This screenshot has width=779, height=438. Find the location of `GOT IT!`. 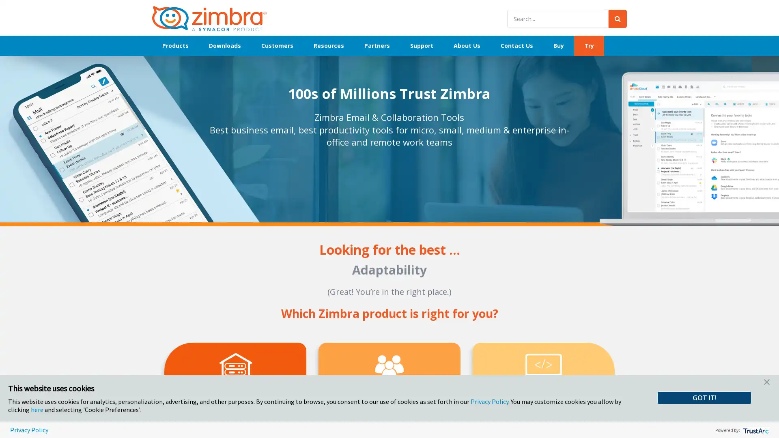

GOT IT! is located at coordinates (704, 397).